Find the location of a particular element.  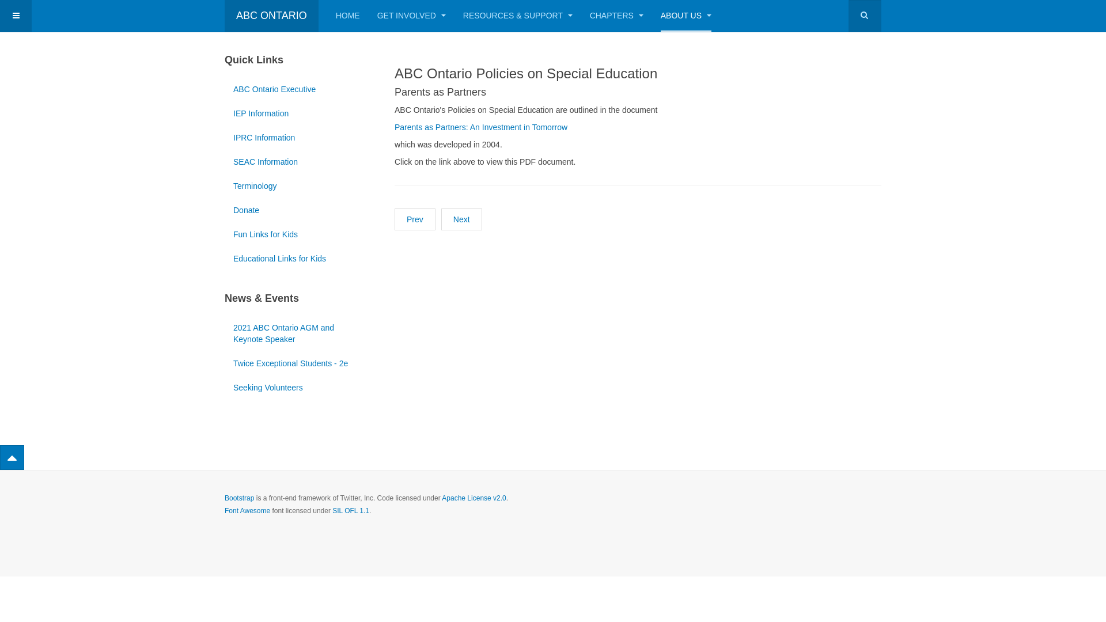

'Back to Top' is located at coordinates (12, 457).